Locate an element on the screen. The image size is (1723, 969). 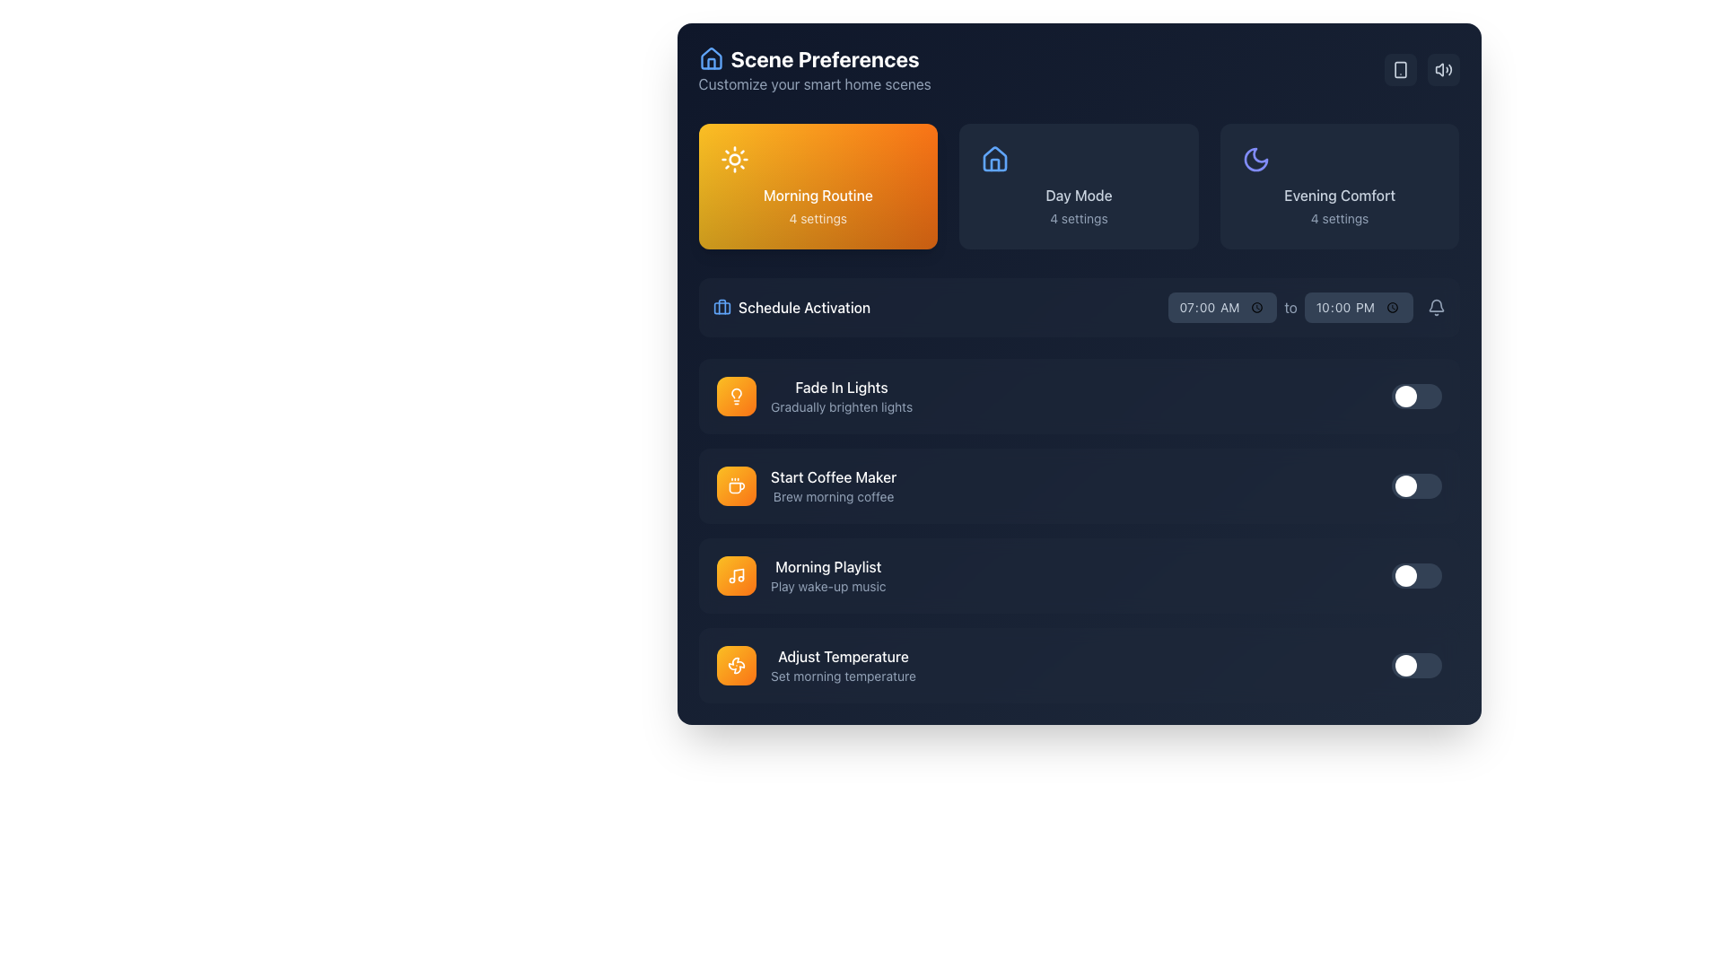
the label that summarizes the action or feature related to the 'Brew morning coffee' functionality, positioned between the 'Fade In Lights' and 'Morning Playlist' cards in the settings interface is located at coordinates (832, 476).